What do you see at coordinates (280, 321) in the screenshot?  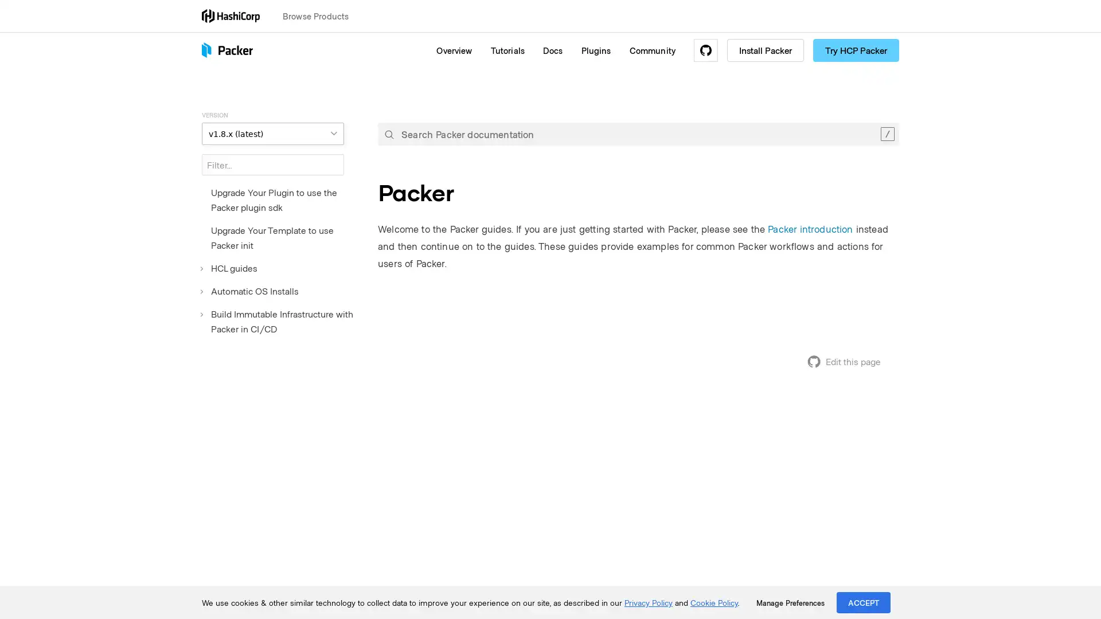 I see `Build Immutable Infrastructure with Packer in CI/CD` at bounding box center [280, 321].